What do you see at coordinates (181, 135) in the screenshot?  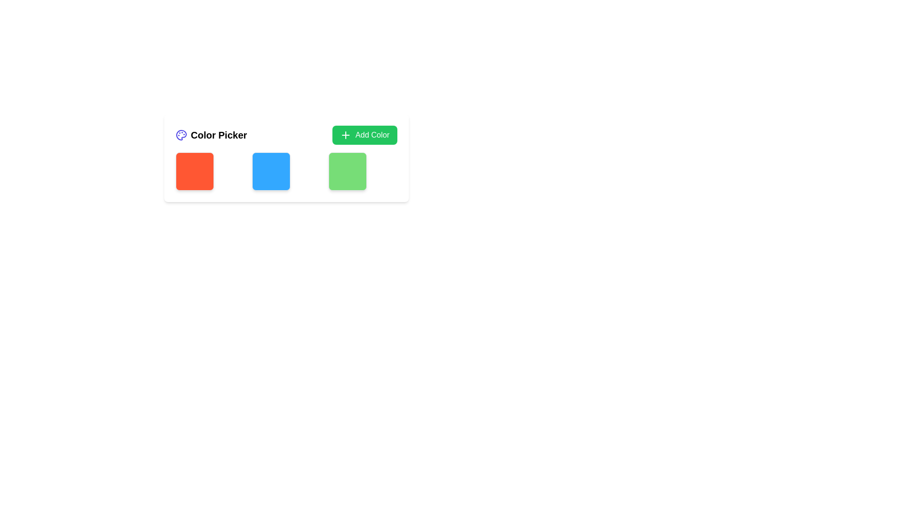 I see `the color palette icon located on the left side of the 'Color Picker' header section as a decorative item` at bounding box center [181, 135].